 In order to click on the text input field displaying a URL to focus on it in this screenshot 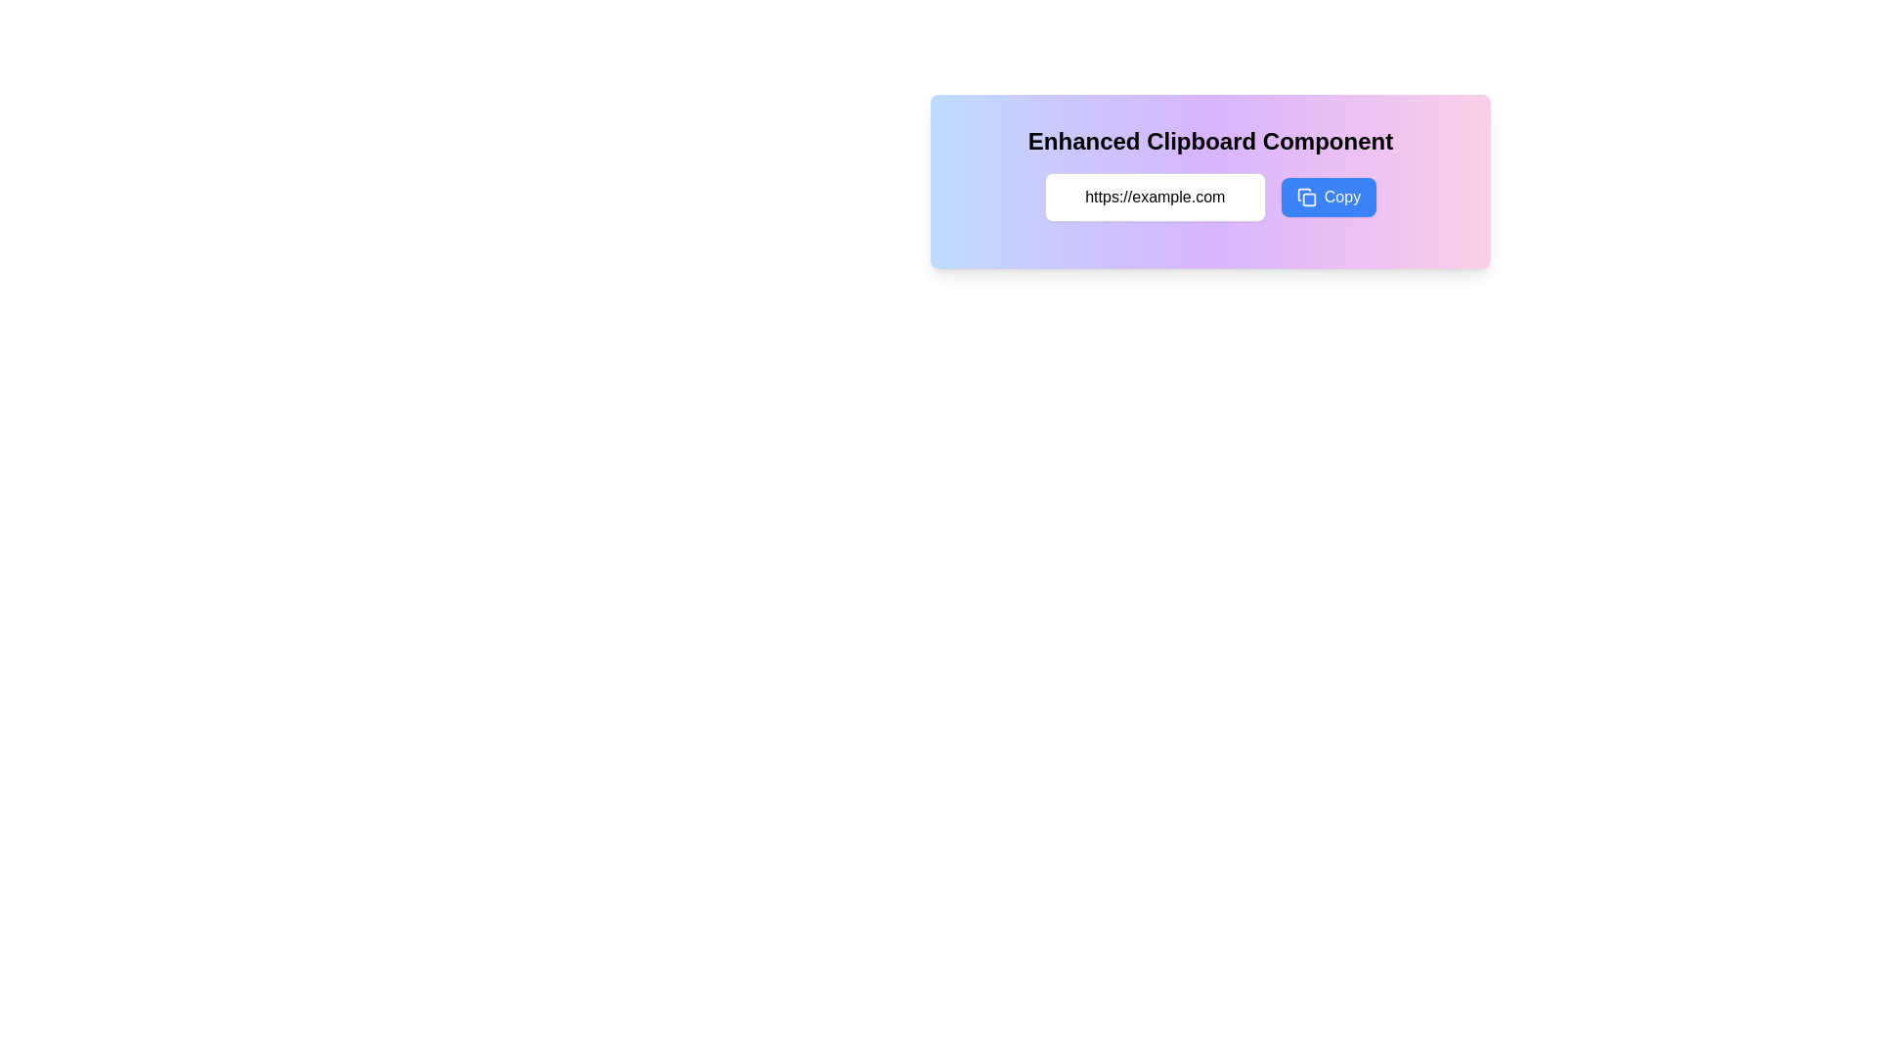, I will do `click(1155, 197)`.